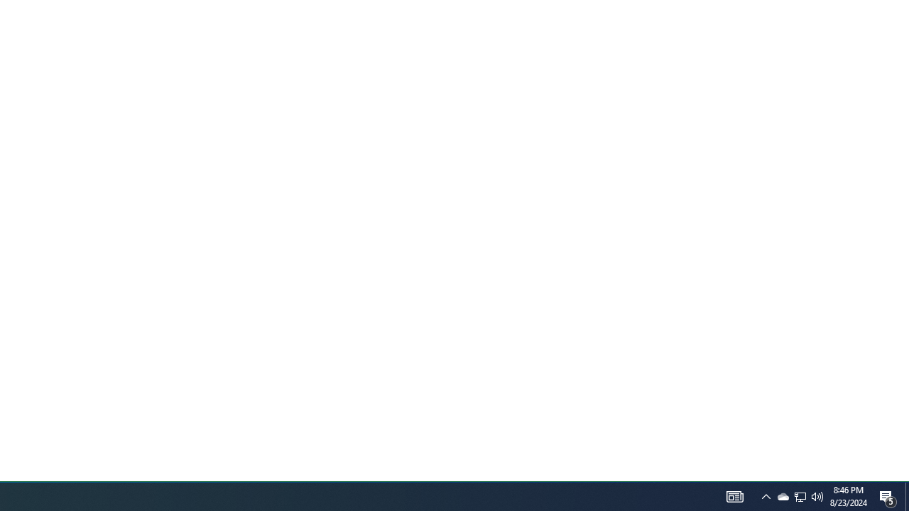 This screenshot has width=909, height=511. Describe the element at coordinates (782, 495) in the screenshot. I see `'User Promoted Notification Area'` at that location.